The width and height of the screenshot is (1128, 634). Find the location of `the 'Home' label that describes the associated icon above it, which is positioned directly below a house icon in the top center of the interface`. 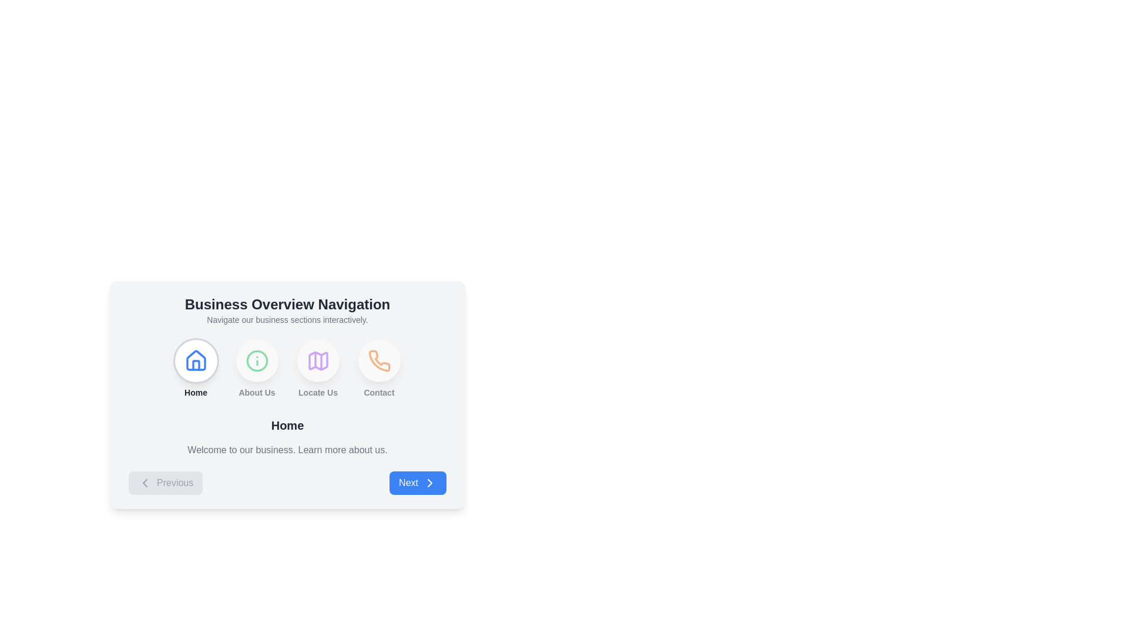

the 'Home' label that describes the associated icon above it, which is positioned directly below a house icon in the top center of the interface is located at coordinates (196, 392).